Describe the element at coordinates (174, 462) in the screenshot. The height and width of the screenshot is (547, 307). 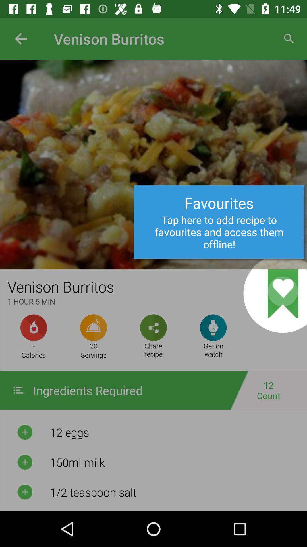
I see `the text below 12 eggs` at that location.